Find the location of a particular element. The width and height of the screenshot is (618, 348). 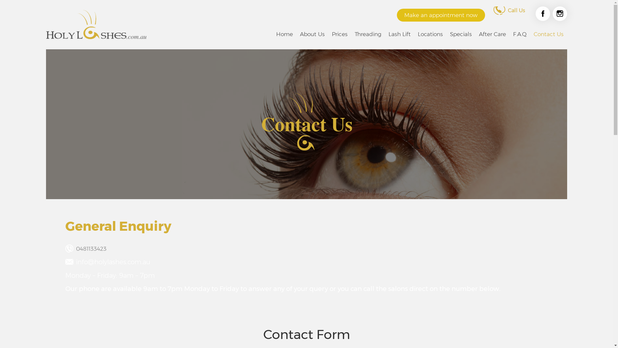

'Threading' is located at coordinates (368, 34).